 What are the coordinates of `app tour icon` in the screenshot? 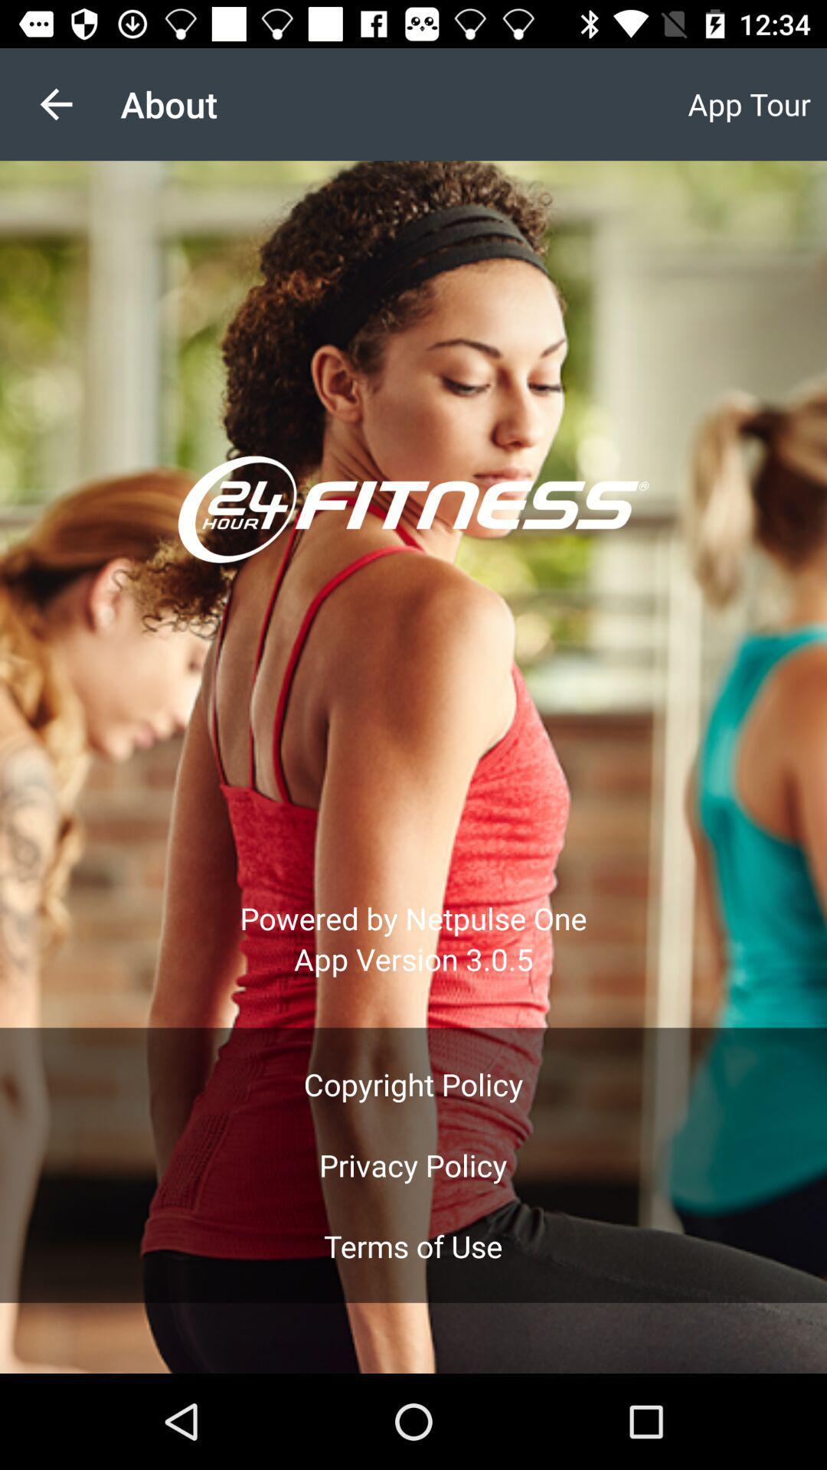 It's located at (748, 103).